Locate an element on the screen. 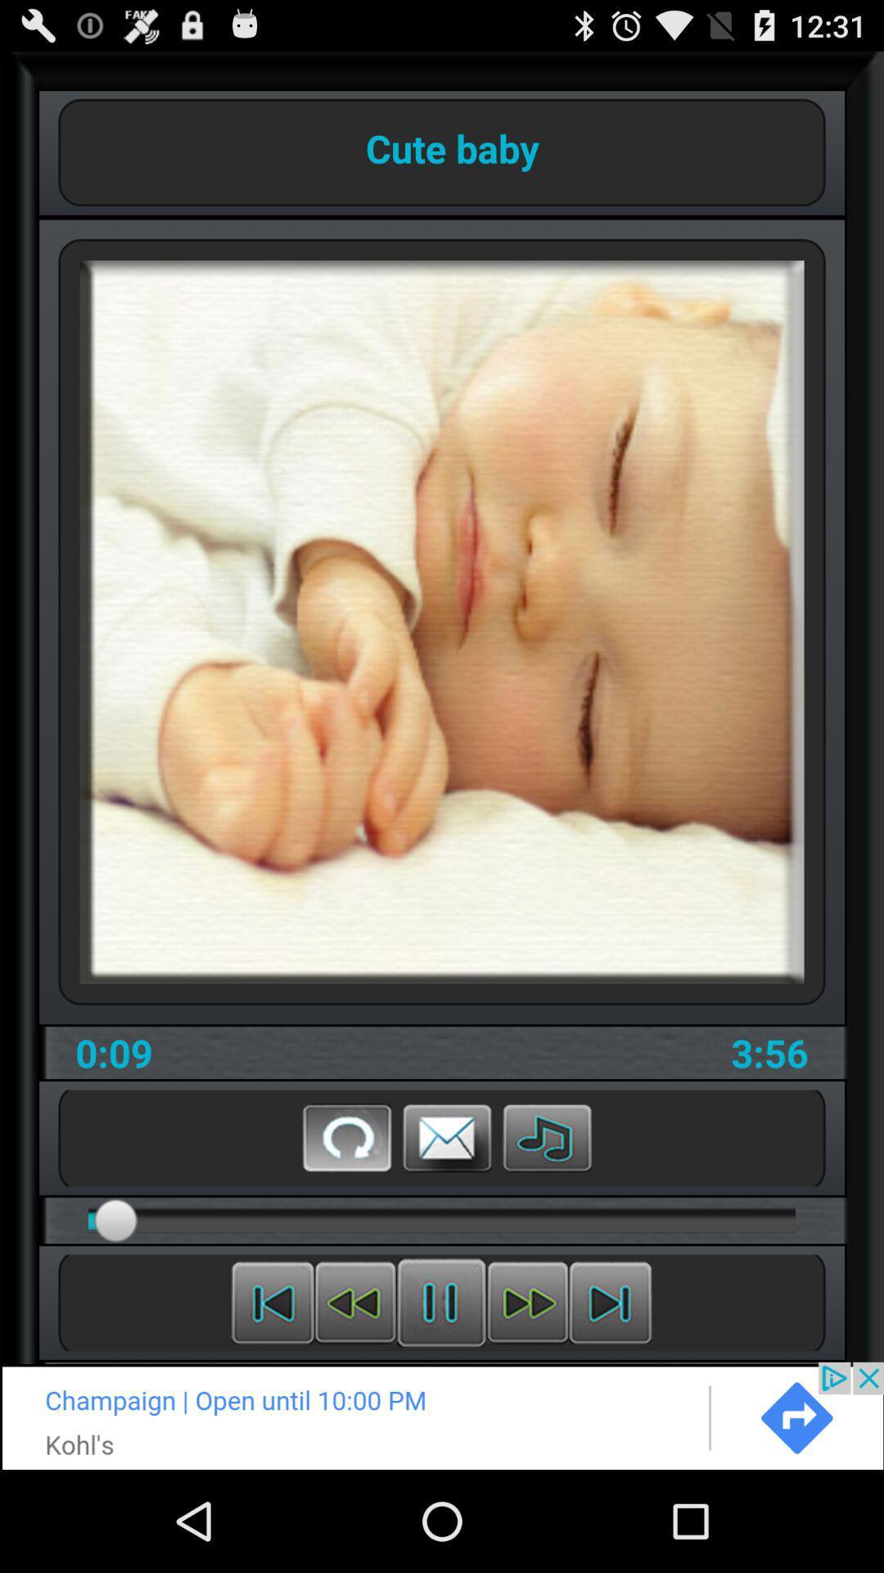  the av_forward icon is located at coordinates (527, 1394).